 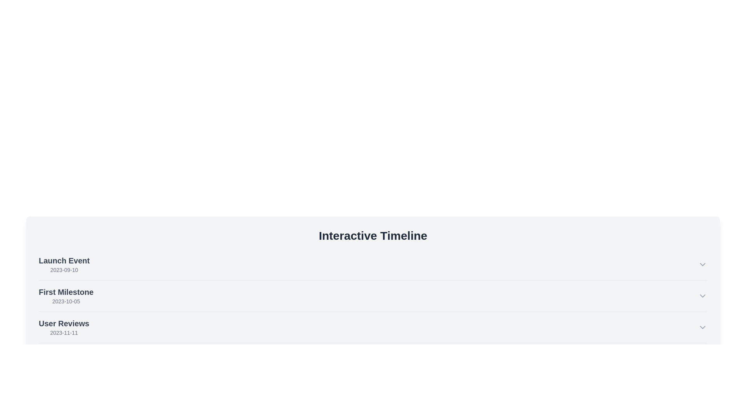 What do you see at coordinates (64, 264) in the screenshot?
I see `the text label displaying 'Launch Event' and its date '2023-09-10'` at bounding box center [64, 264].